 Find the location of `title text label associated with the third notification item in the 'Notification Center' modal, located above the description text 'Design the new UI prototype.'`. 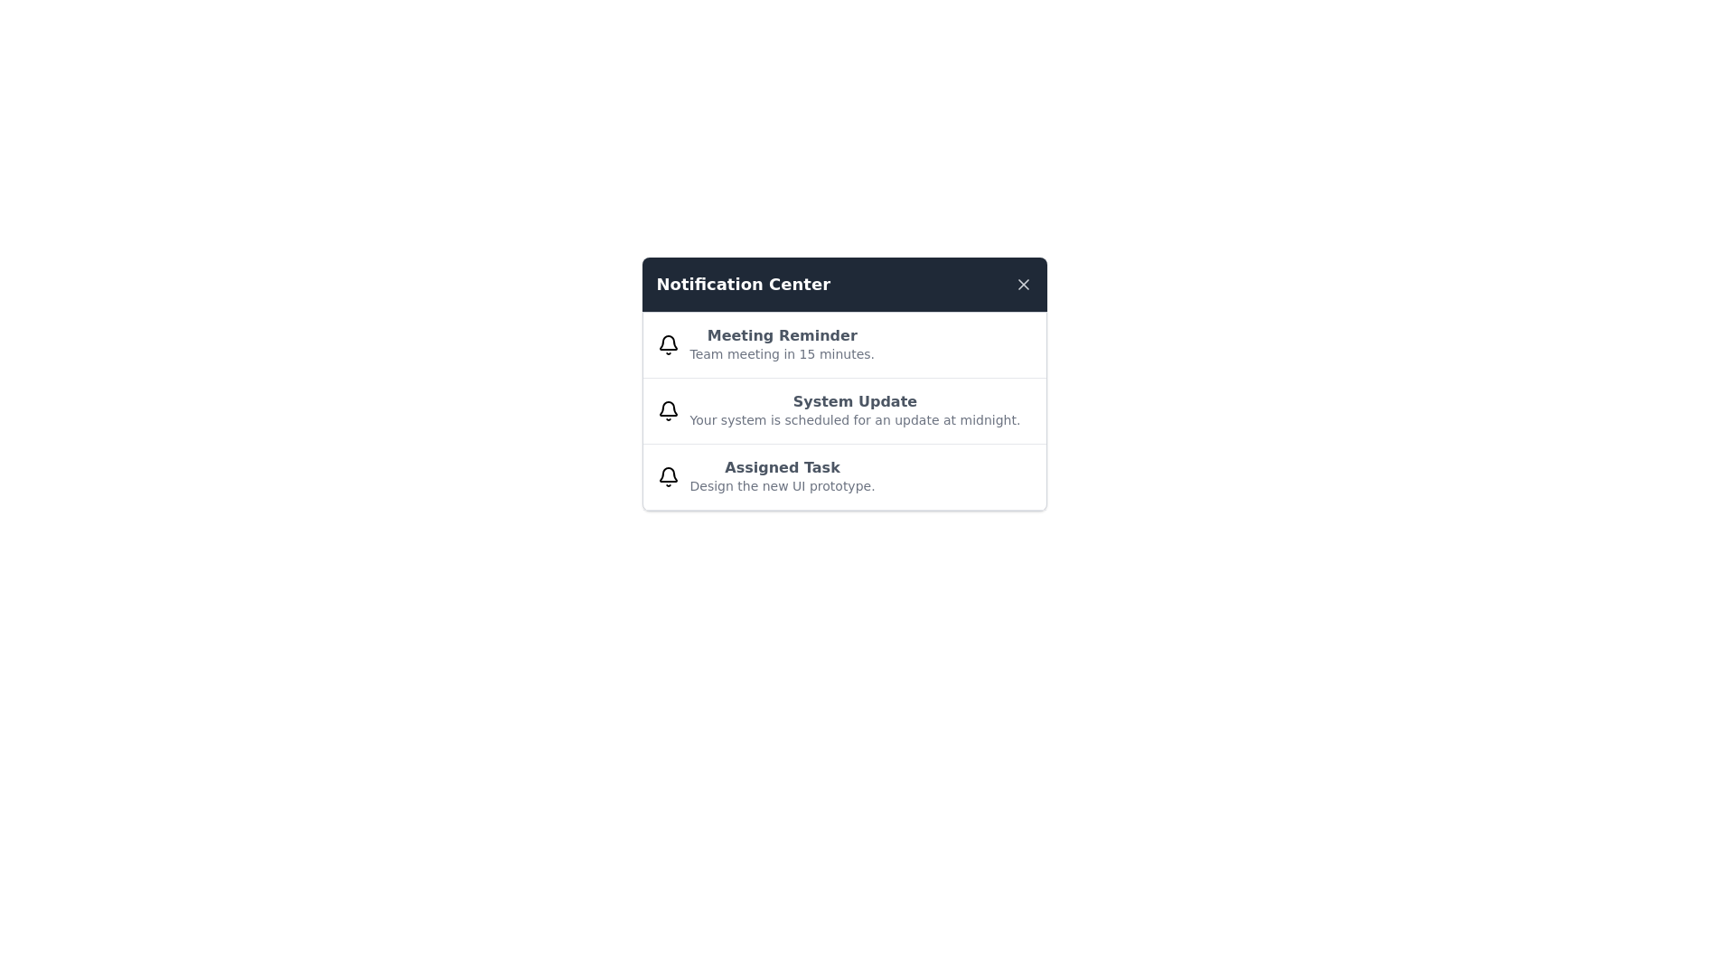

title text label associated with the third notification item in the 'Notification Center' modal, located above the description text 'Design the new UI prototype.' is located at coordinates (783, 466).